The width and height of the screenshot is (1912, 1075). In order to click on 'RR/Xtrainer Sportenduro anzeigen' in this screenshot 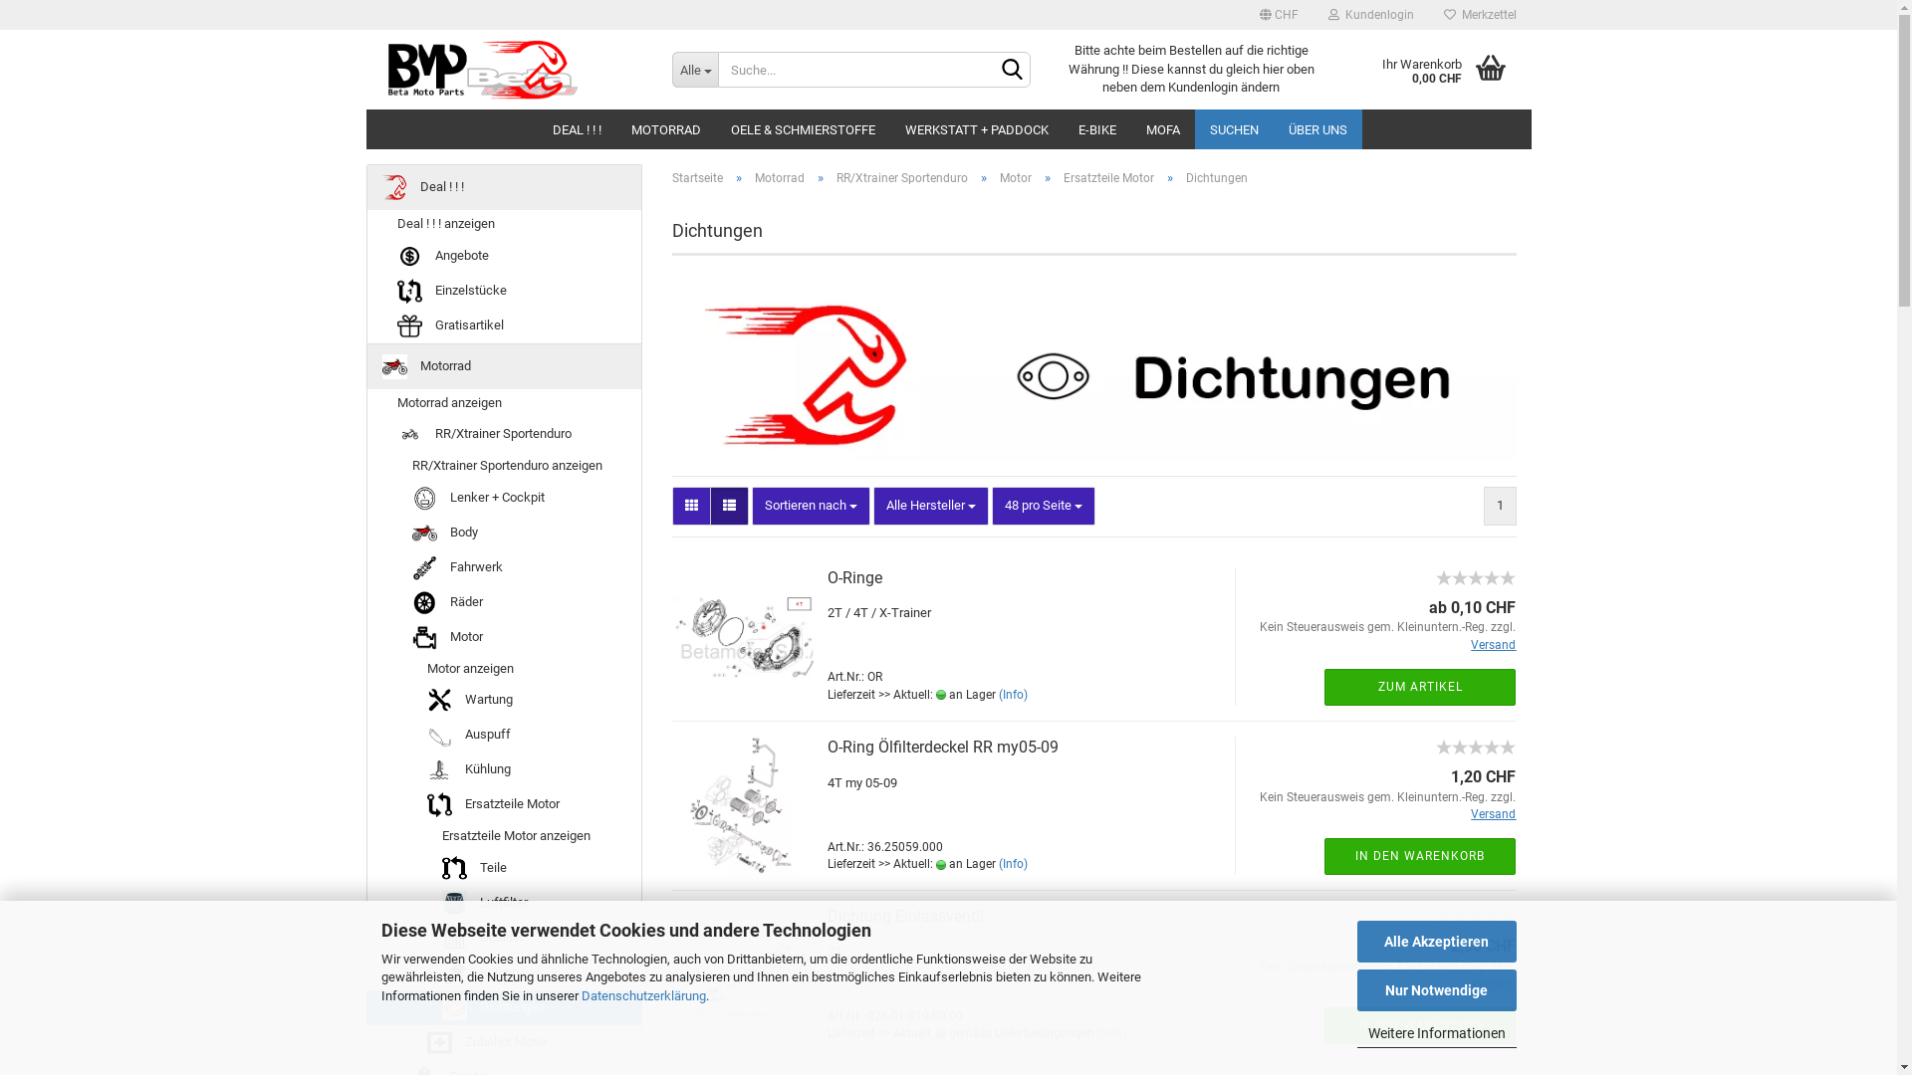, I will do `click(503, 466)`.